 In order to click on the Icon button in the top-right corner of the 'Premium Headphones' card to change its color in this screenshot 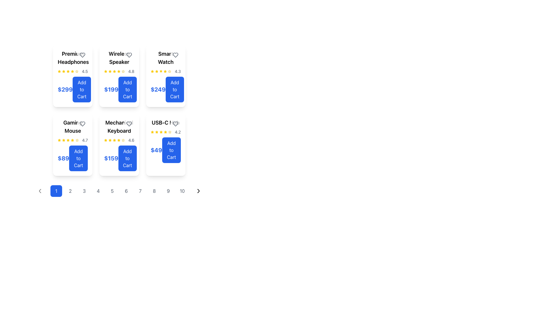, I will do `click(82, 55)`.